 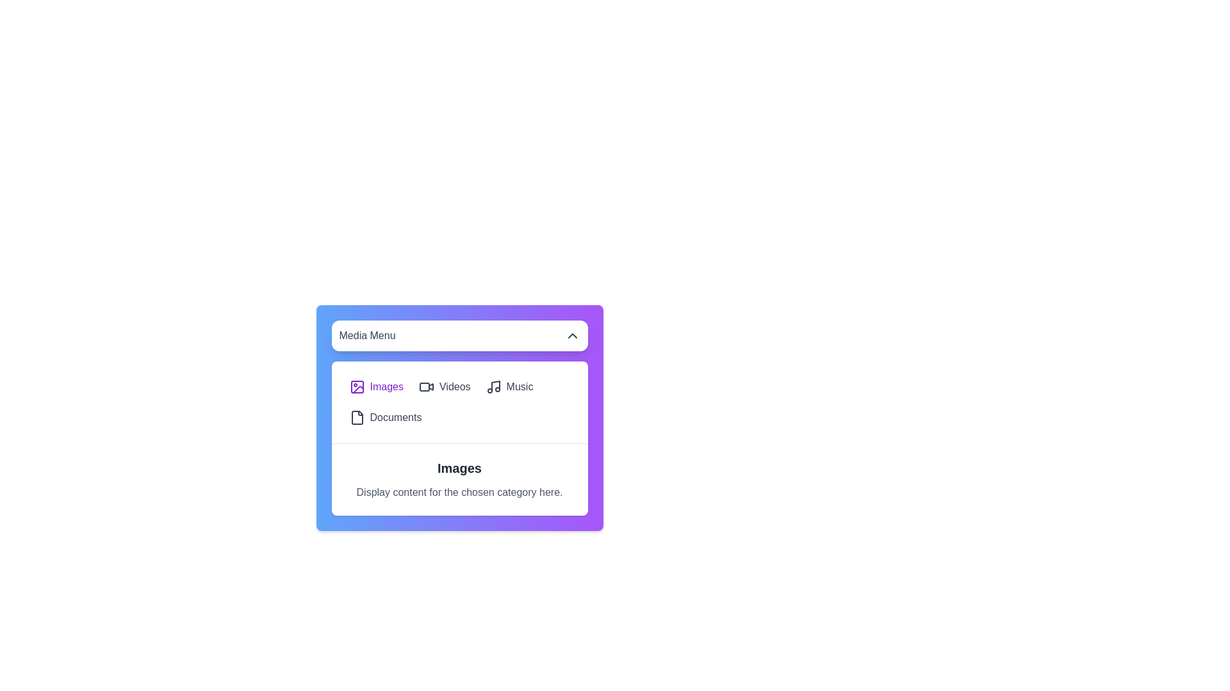 I want to click on the 'Images' category icon located in the Media Menu, so click(x=357, y=386).